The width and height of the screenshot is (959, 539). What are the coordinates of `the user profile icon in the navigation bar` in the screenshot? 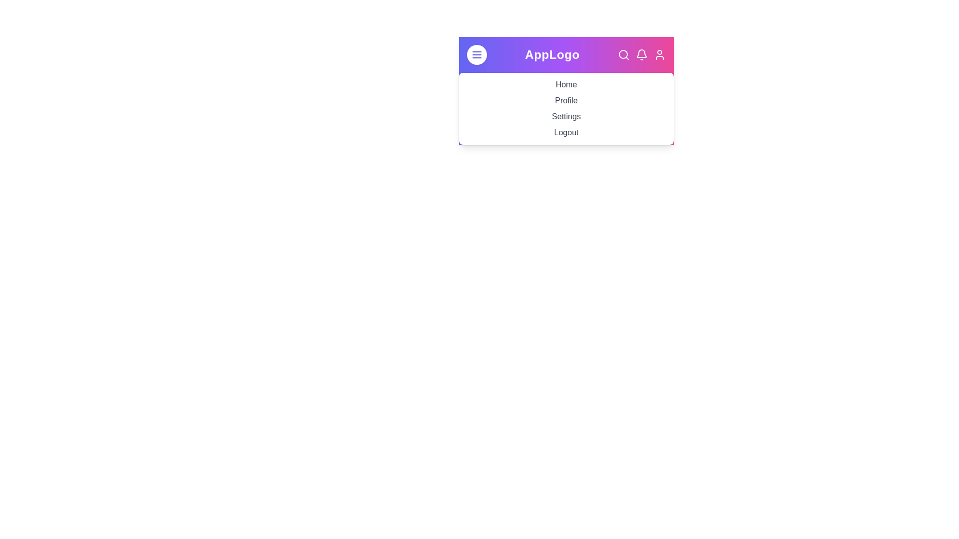 It's located at (659, 55).